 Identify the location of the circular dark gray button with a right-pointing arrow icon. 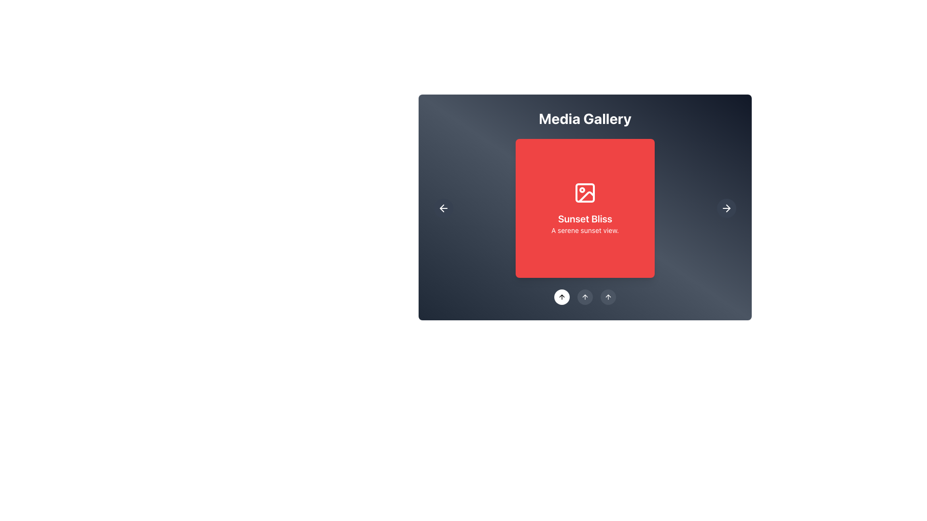
(727, 208).